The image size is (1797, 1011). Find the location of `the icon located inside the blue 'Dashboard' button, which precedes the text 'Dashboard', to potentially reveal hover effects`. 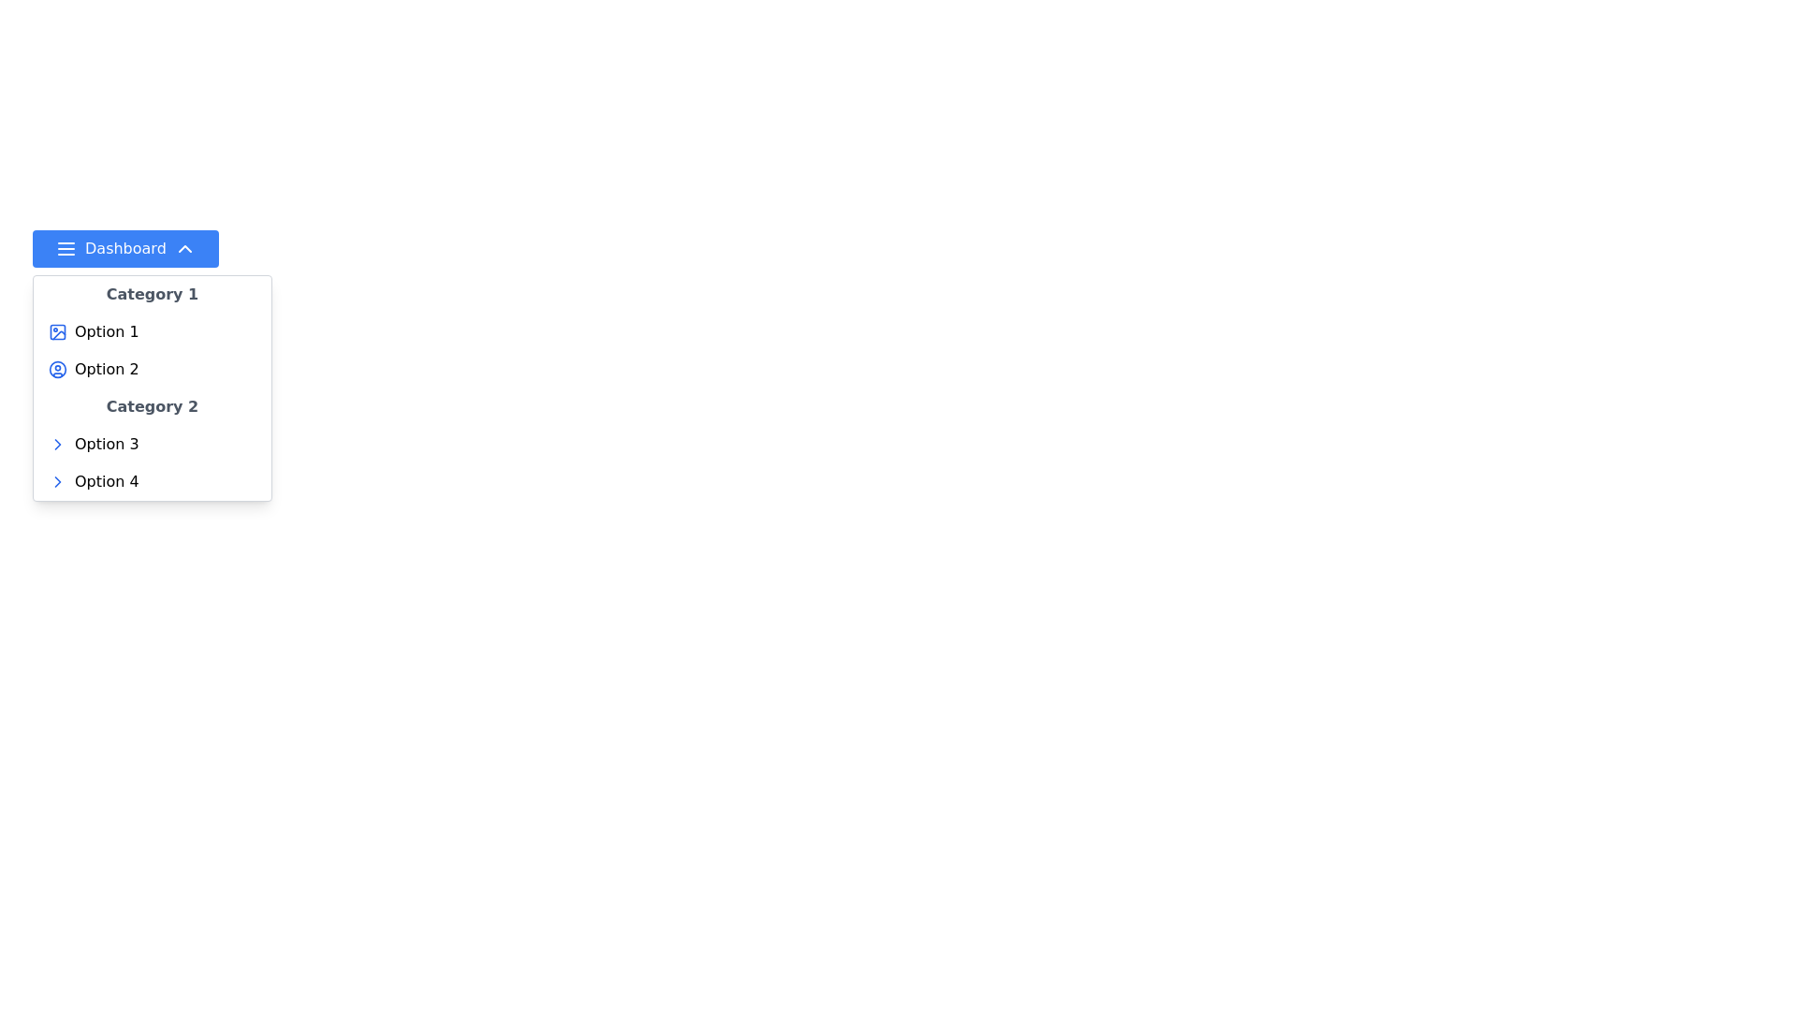

the icon located inside the blue 'Dashboard' button, which precedes the text 'Dashboard', to potentially reveal hover effects is located at coordinates (66, 248).